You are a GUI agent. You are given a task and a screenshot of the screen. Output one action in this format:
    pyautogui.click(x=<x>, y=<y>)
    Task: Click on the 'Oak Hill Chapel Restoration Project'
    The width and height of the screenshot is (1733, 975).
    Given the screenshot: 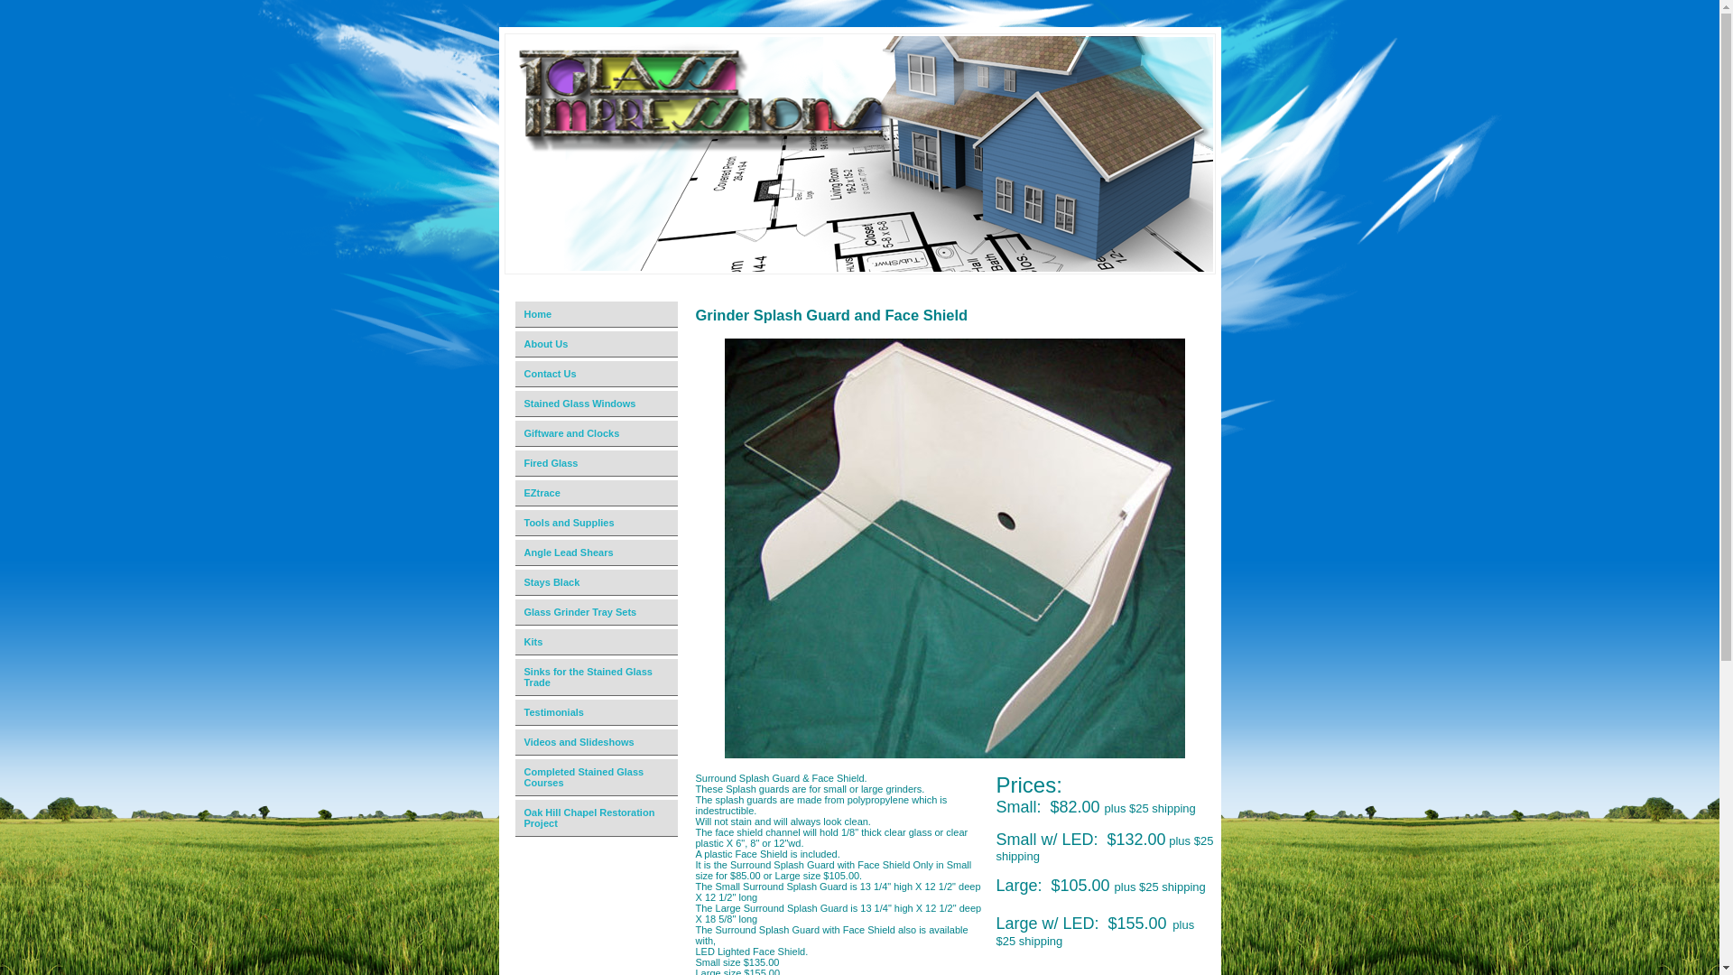 What is the action you would take?
    pyautogui.click(x=598, y=818)
    